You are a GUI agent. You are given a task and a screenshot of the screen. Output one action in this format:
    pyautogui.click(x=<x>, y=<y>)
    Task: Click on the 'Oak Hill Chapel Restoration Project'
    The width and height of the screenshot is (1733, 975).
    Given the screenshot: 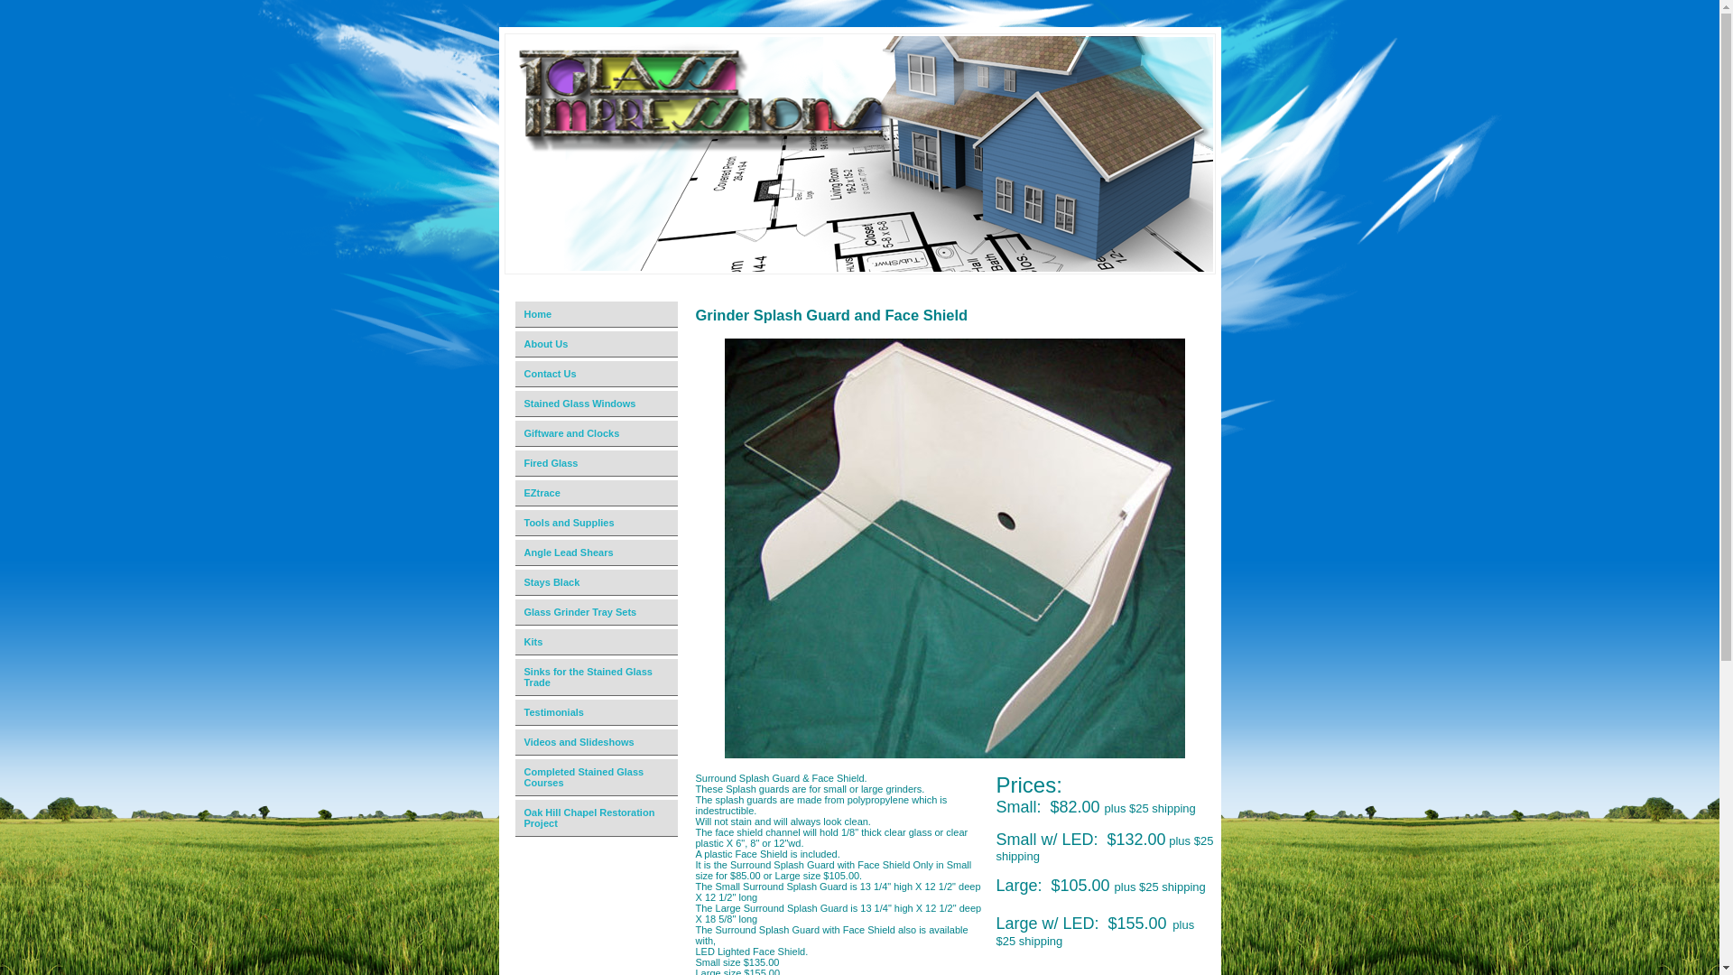 What is the action you would take?
    pyautogui.click(x=598, y=818)
    